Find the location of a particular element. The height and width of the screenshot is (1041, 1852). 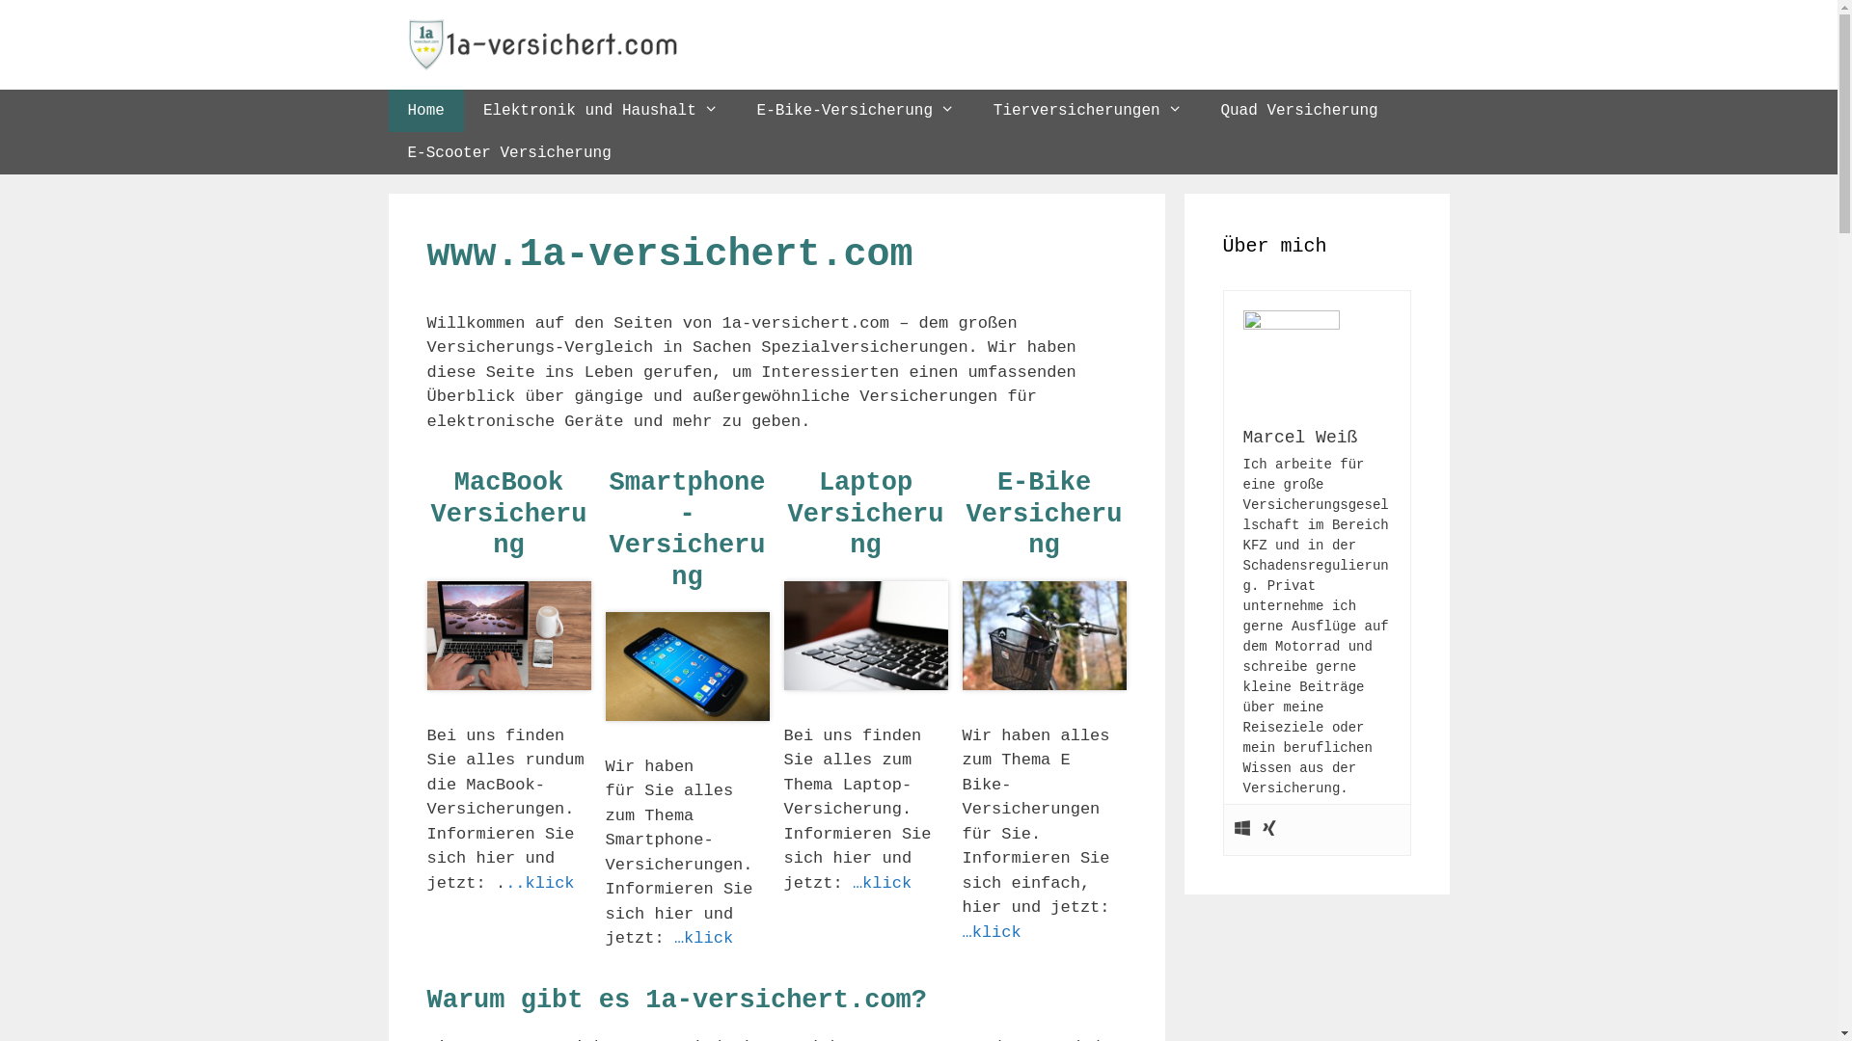

'Elektronik und Haushalt' is located at coordinates (600, 111).